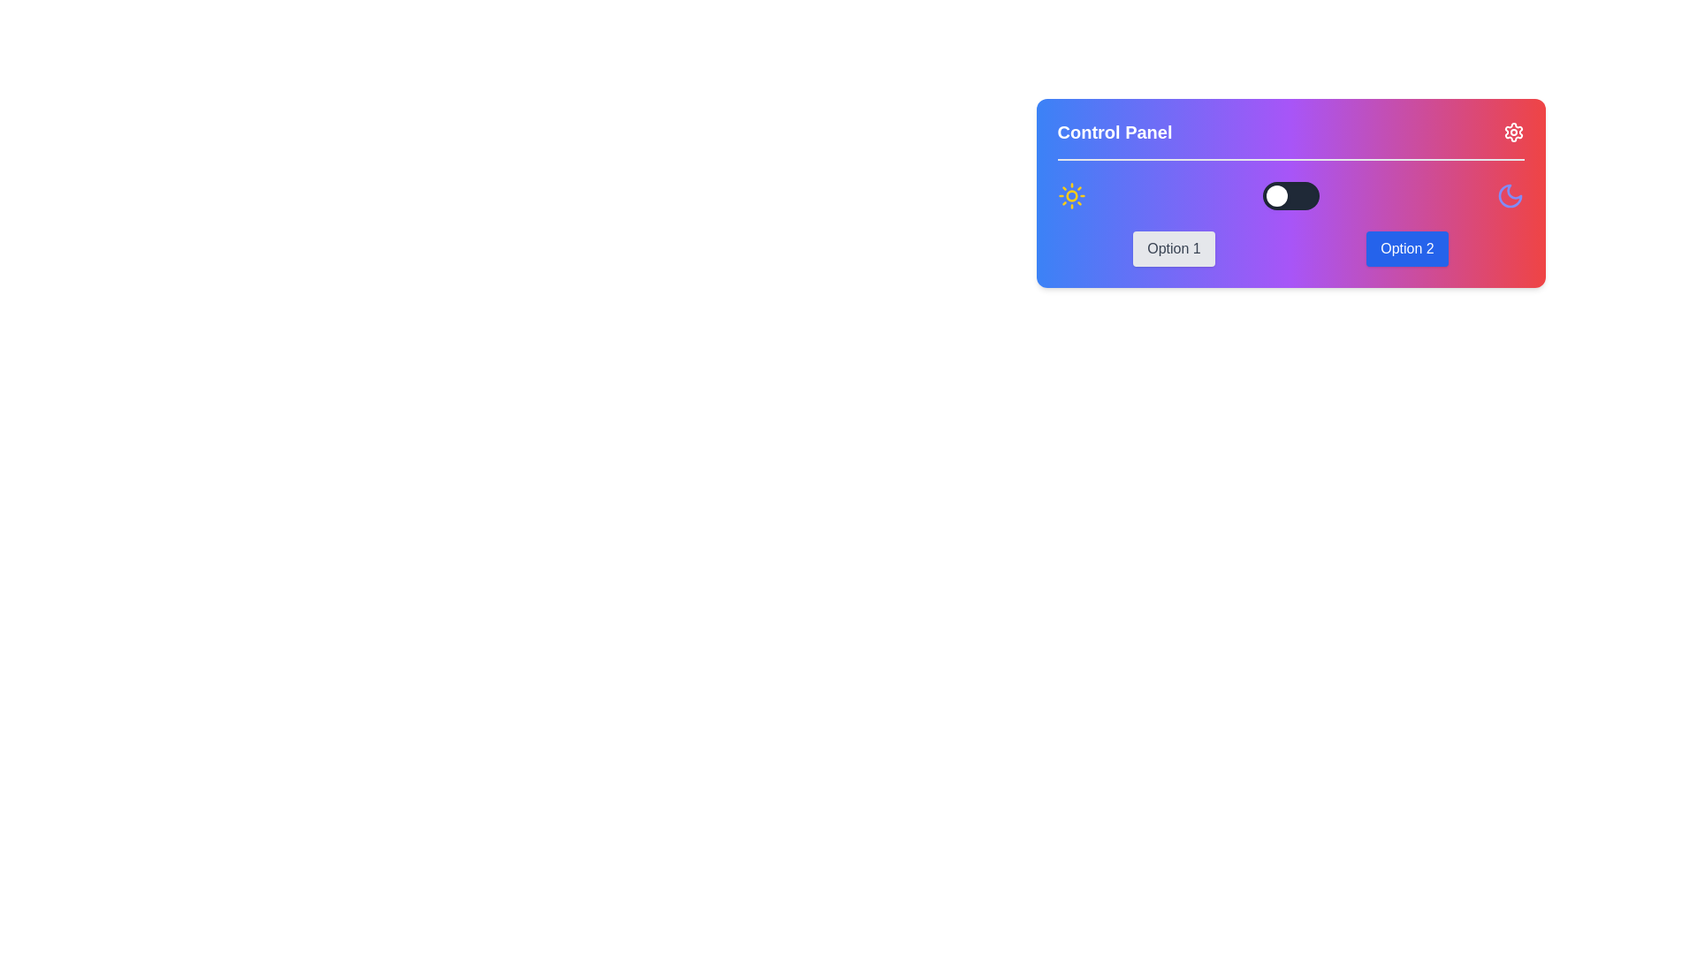 This screenshot has height=954, width=1697. I want to click on the toggle switch handle located at the far-right end of the toggle control in the Control Panel for visual feedback, so click(1276, 196).